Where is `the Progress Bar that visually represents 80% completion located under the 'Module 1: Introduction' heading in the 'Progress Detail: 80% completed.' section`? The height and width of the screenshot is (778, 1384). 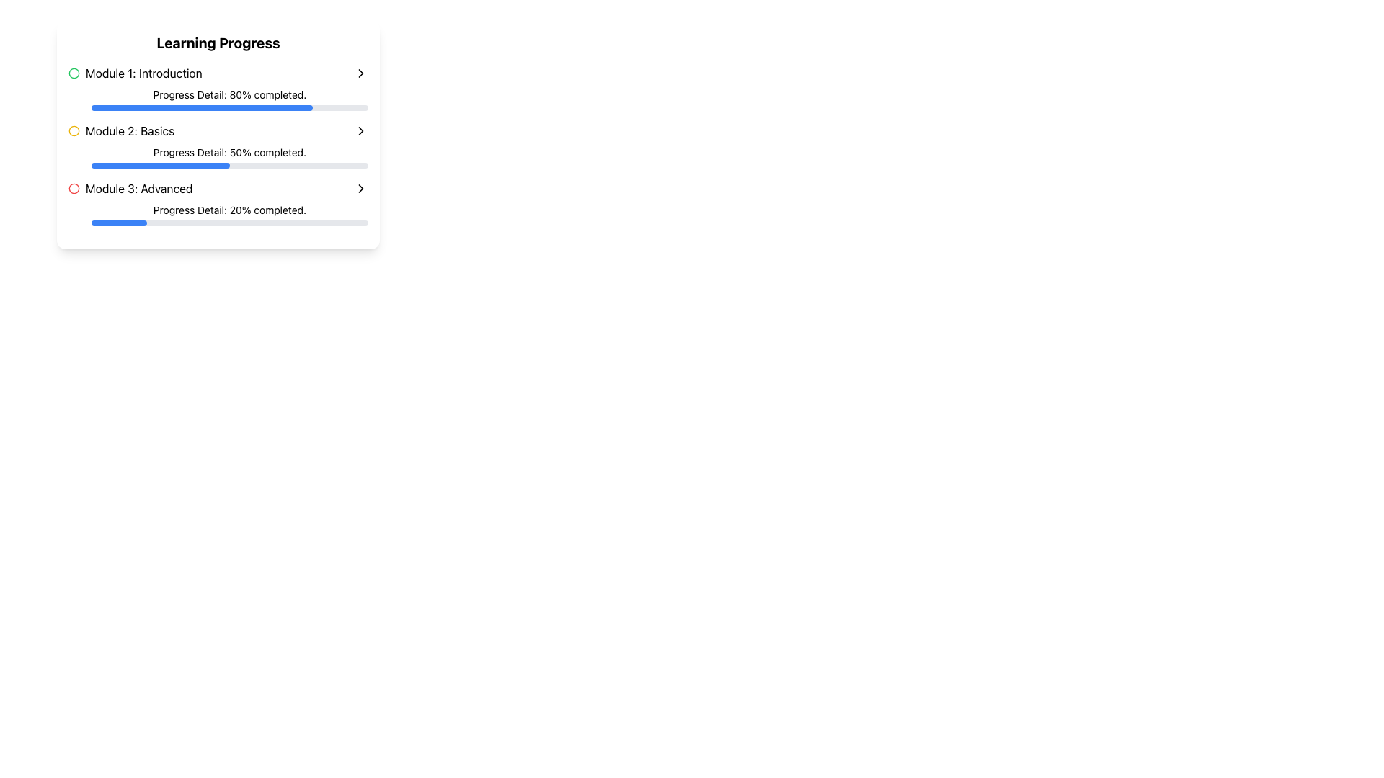 the Progress Bar that visually represents 80% completion located under the 'Module 1: Introduction' heading in the 'Progress Detail: 80% completed.' section is located at coordinates (229, 107).